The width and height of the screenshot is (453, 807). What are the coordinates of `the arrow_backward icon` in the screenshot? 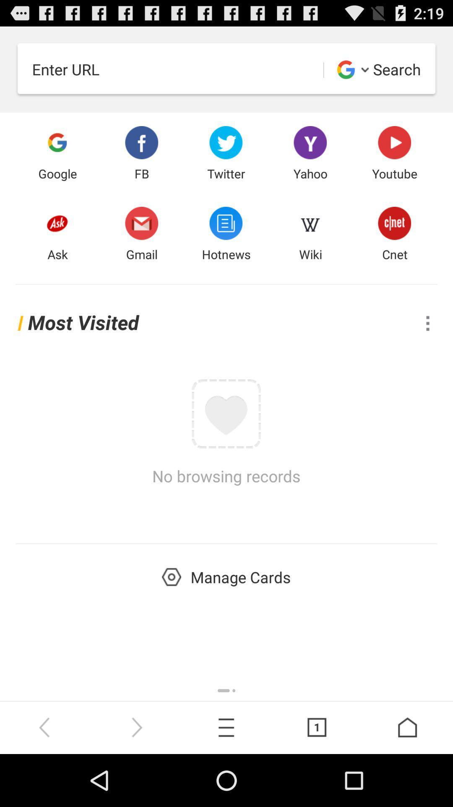 It's located at (45, 778).